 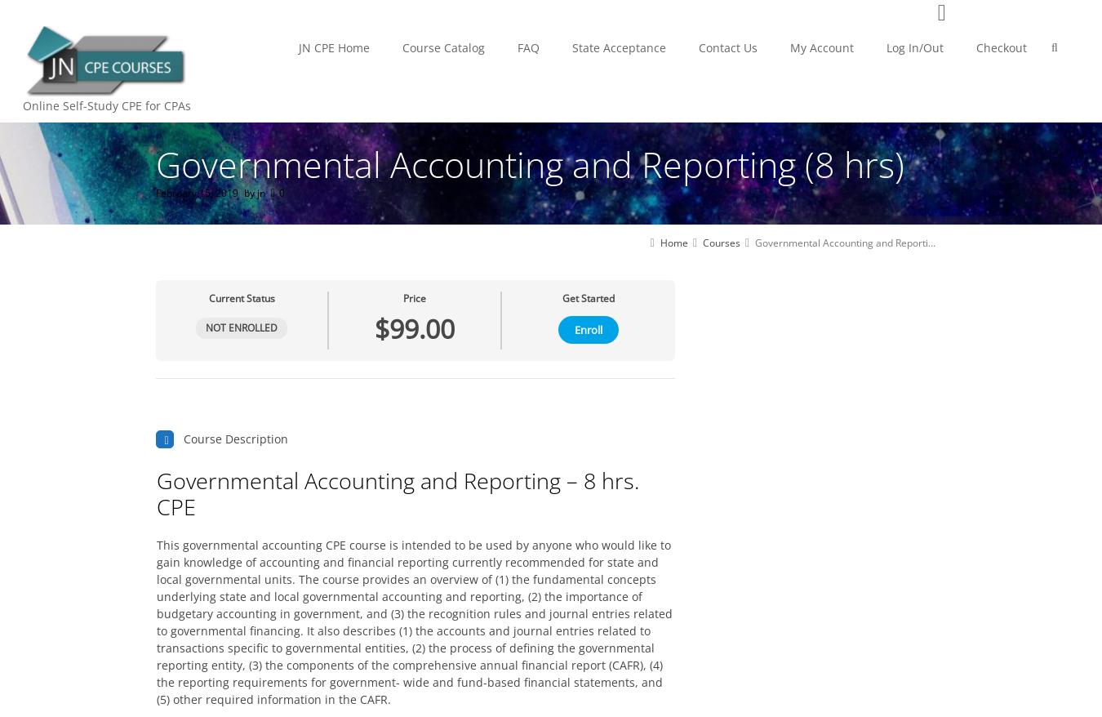 What do you see at coordinates (414, 296) in the screenshot?
I see `'Price'` at bounding box center [414, 296].